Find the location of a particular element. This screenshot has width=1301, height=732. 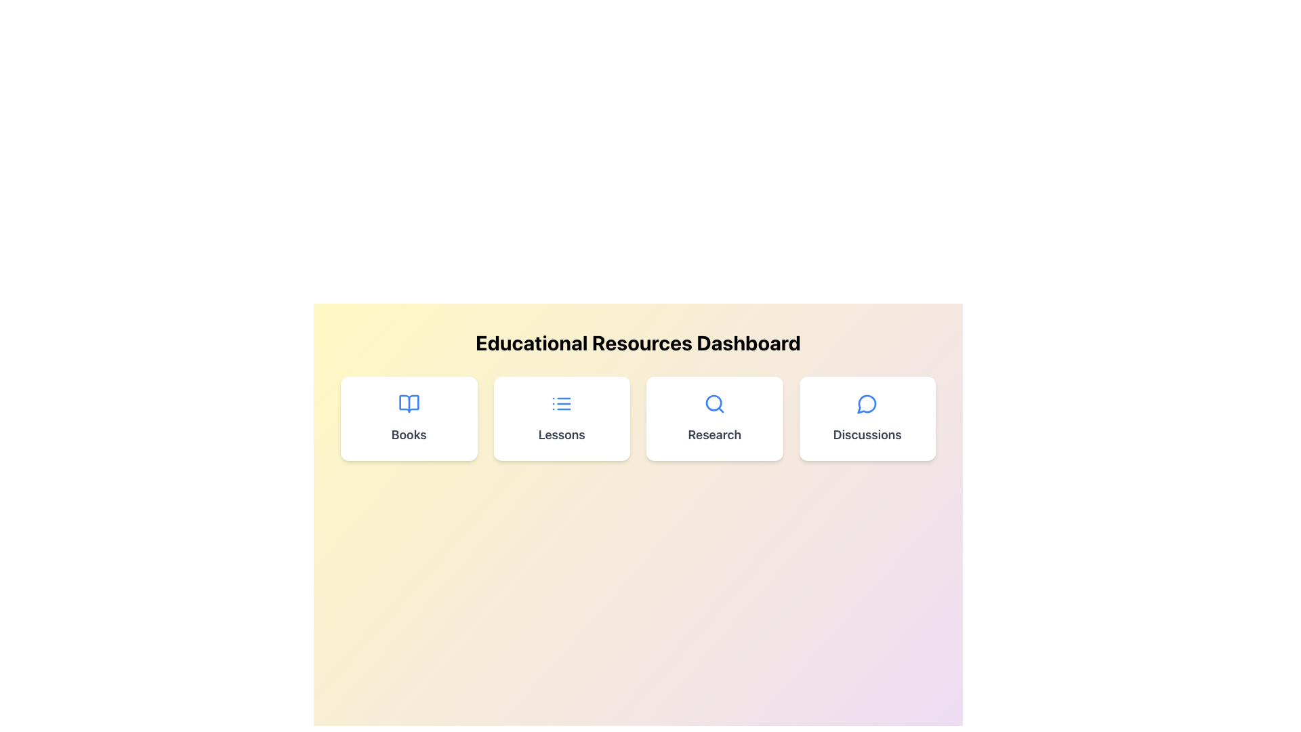

the magnifying glass icon representing the search functionality in the 'Research' section, located on the third card in a row of four cards is located at coordinates (714, 403).